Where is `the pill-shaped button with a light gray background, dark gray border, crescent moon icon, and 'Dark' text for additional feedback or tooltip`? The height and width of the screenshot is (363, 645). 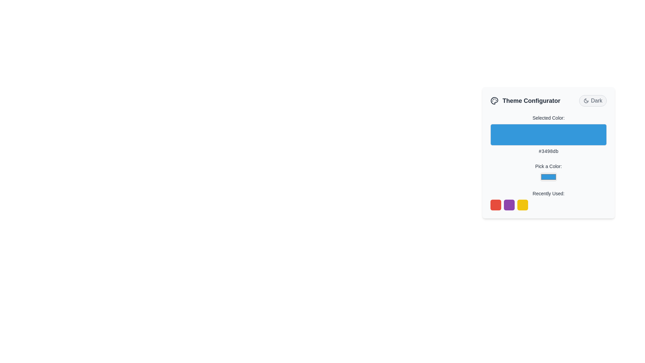
the pill-shaped button with a light gray background, dark gray border, crescent moon icon, and 'Dark' text for additional feedback or tooltip is located at coordinates (593, 101).